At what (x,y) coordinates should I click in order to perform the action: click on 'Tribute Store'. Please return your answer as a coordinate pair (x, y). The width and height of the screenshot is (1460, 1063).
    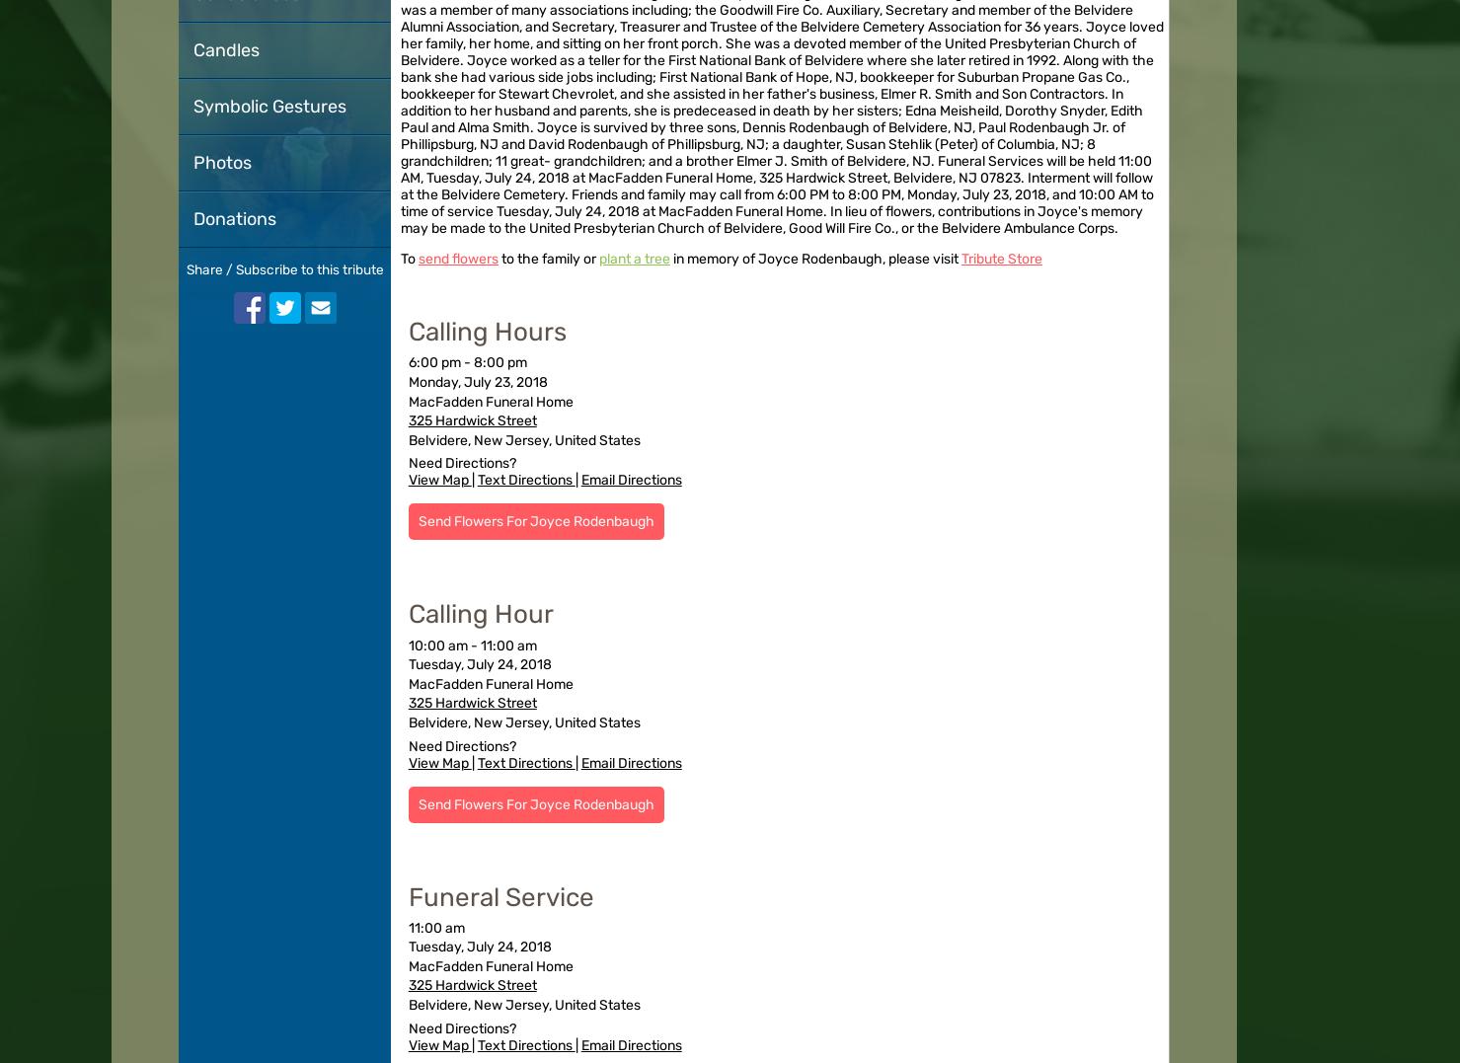
    Looking at the image, I should click on (1002, 258).